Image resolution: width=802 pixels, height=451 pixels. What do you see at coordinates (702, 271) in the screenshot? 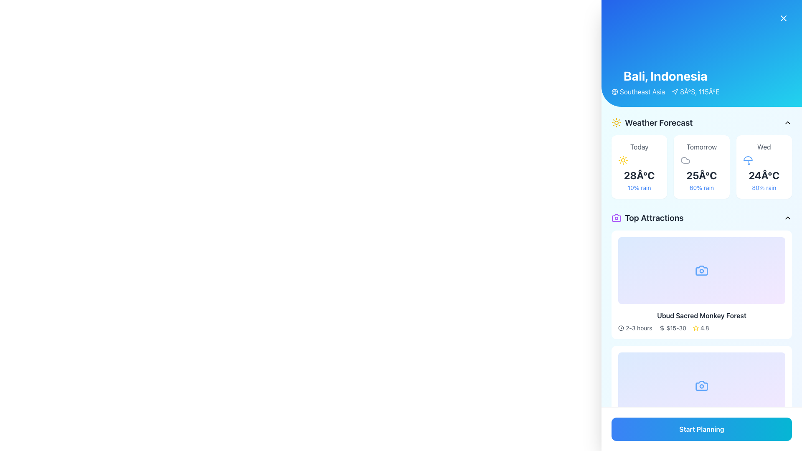
I see `the blue camera icon located in the 'Top Attractions' section under the 'Ubud Sacred Monkey Forest' entry` at bounding box center [702, 271].